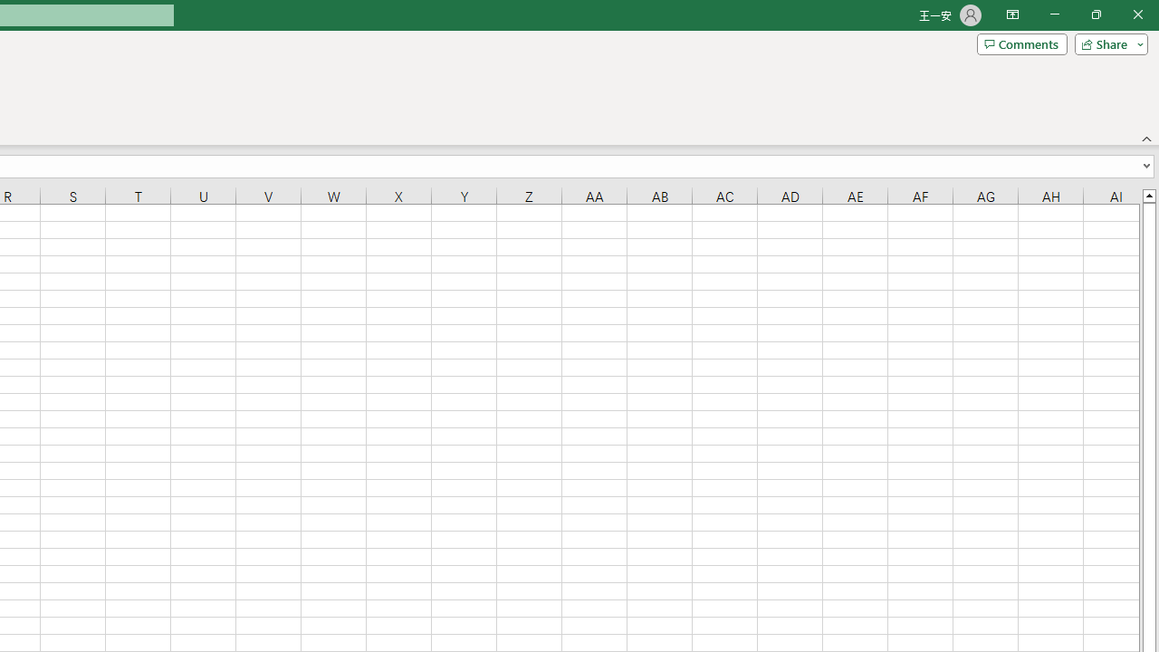  Describe the element at coordinates (1054, 14) in the screenshot. I see `'Minimize'` at that location.